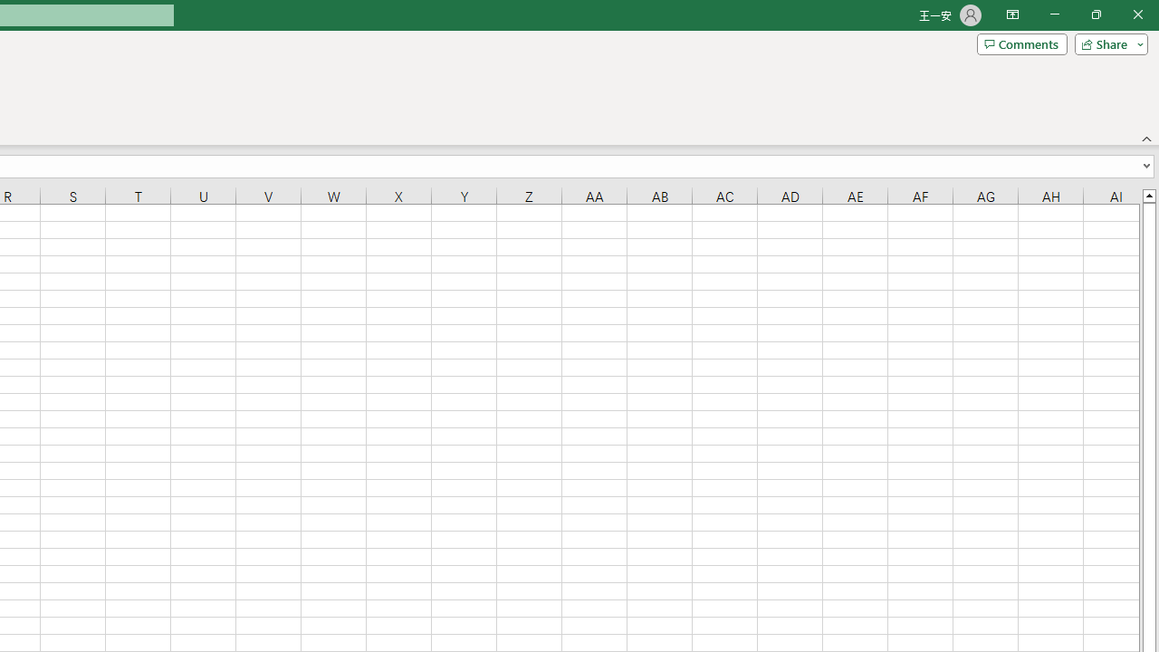  Describe the element at coordinates (1054, 14) in the screenshot. I see `'Minimize'` at that location.